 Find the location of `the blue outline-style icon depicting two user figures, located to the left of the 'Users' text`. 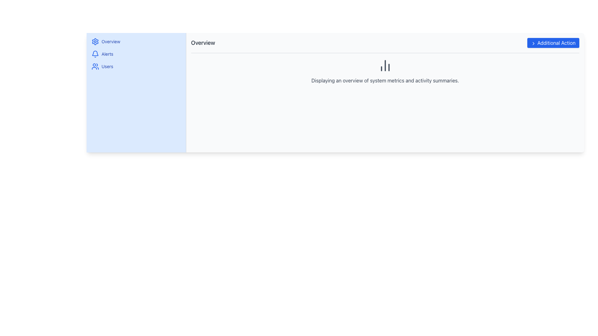

the blue outline-style icon depicting two user figures, located to the left of the 'Users' text is located at coordinates (95, 66).